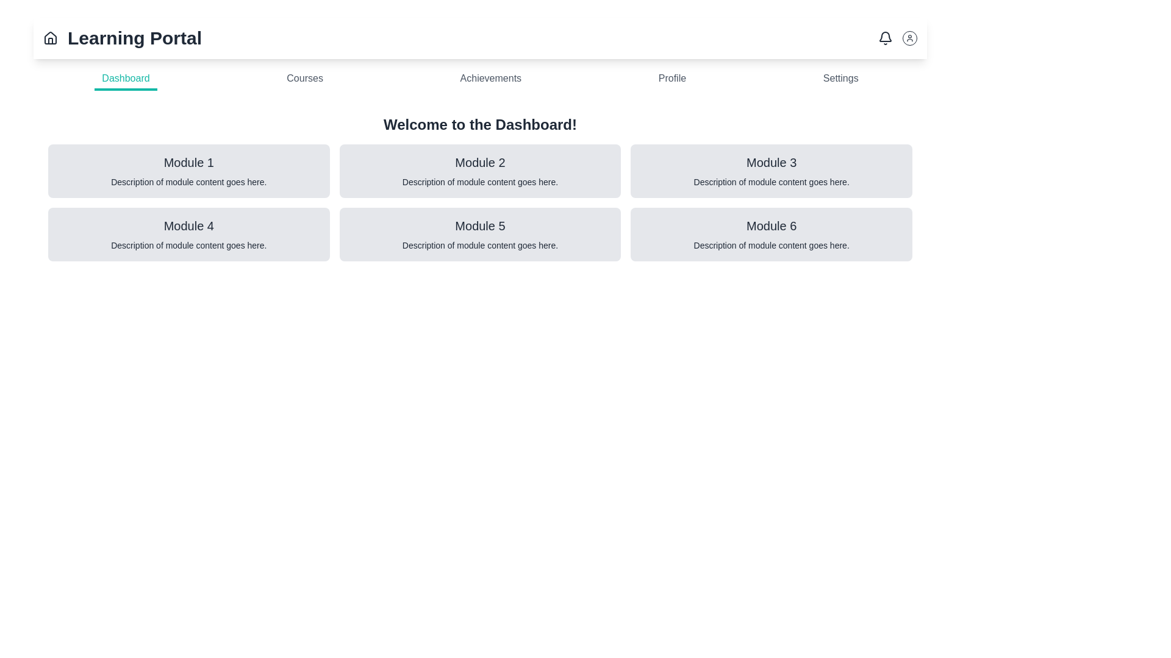  Describe the element at coordinates (188, 171) in the screenshot. I see `the first Informational card in the grid layout that provides information about a specific module` at that location.